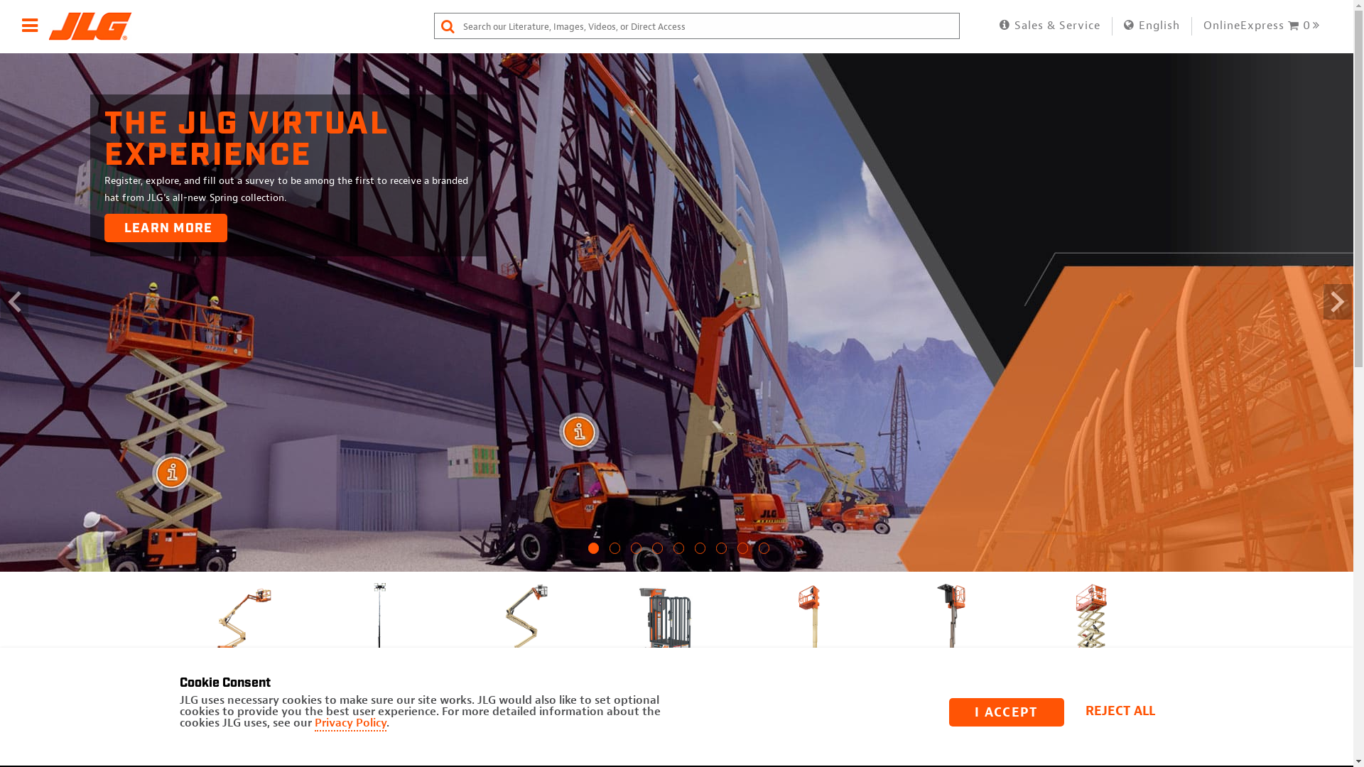 The width and height of the screenshot is (1364, 767). What do you see at coordinates (1049, 25) in the screenshot?
I see `'Sales & Service'` at bounding box center [1049, 25].